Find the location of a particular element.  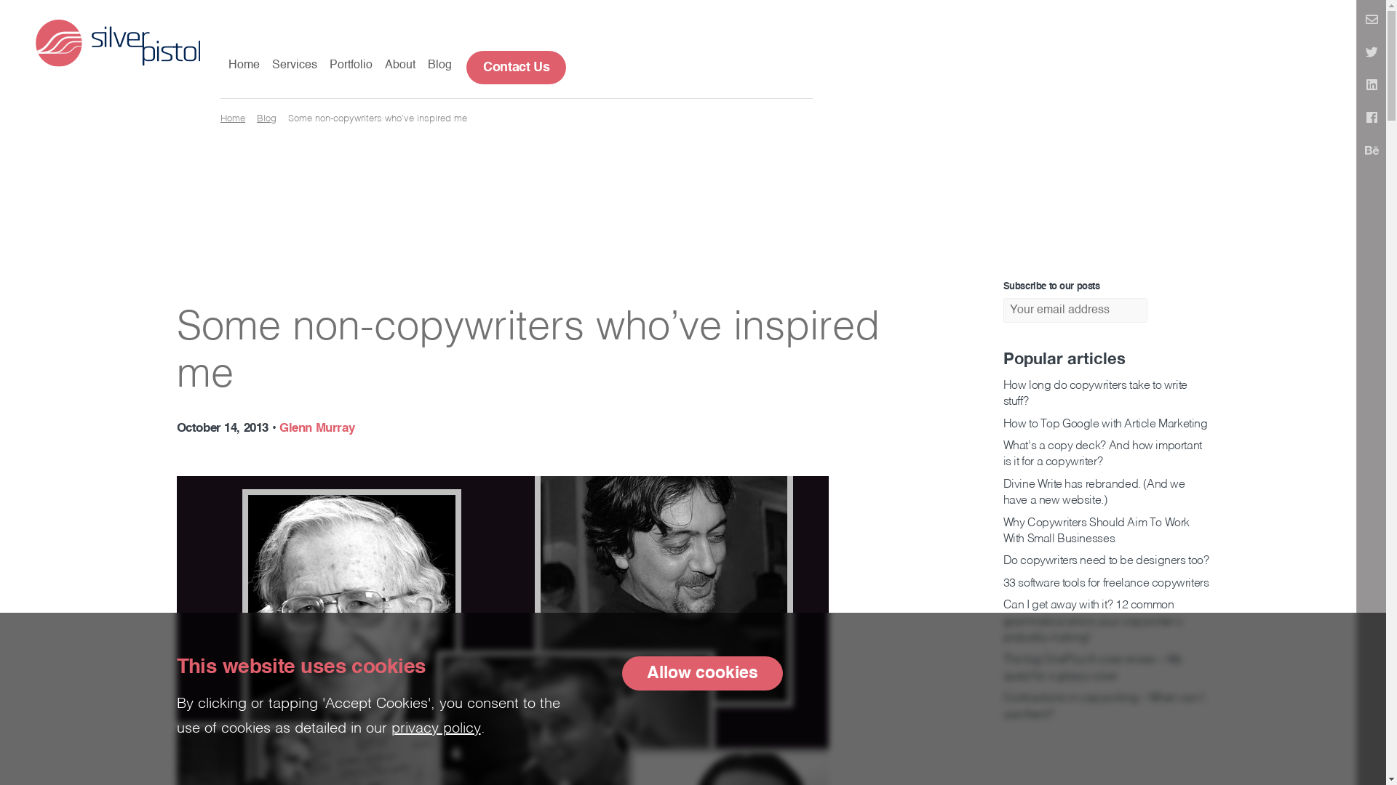

'Silver Pistol Logo' is located at coordinates (118, 41).